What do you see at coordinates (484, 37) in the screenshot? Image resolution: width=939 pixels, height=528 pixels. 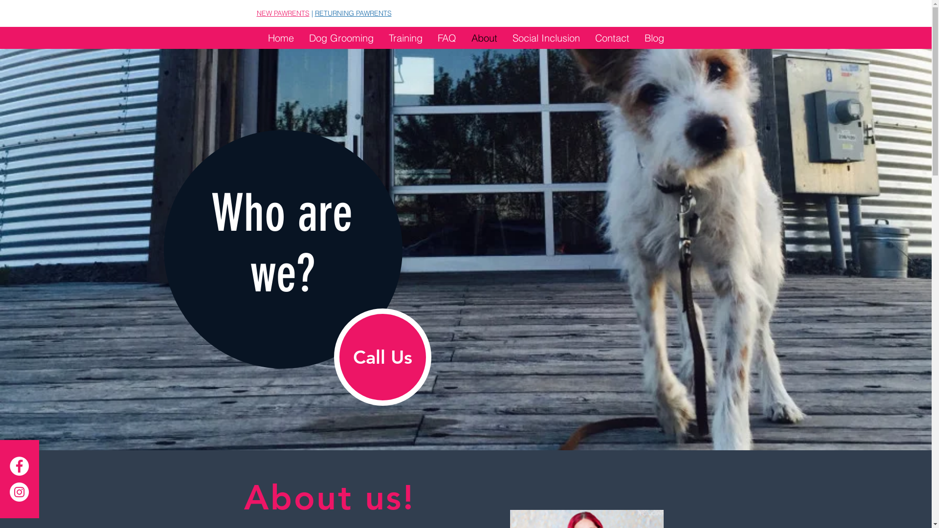 I see `'About'` at bounding box center [484, 37].